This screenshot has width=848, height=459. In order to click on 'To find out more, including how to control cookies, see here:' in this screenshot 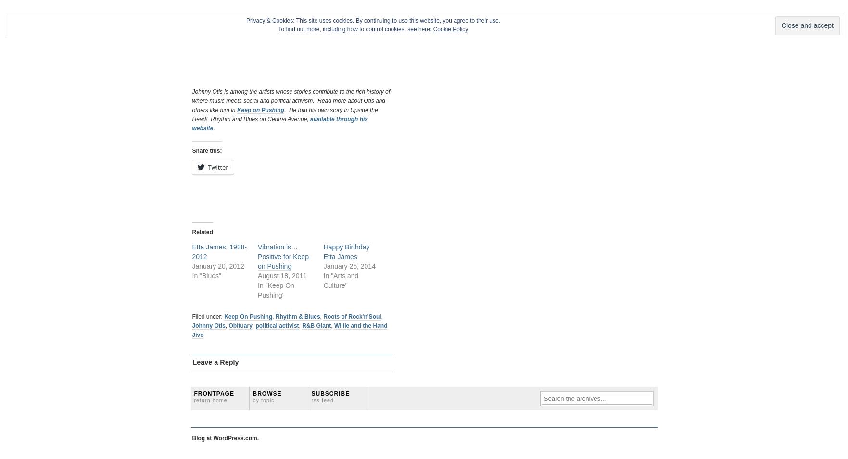, I will do `click(355, 29)`.